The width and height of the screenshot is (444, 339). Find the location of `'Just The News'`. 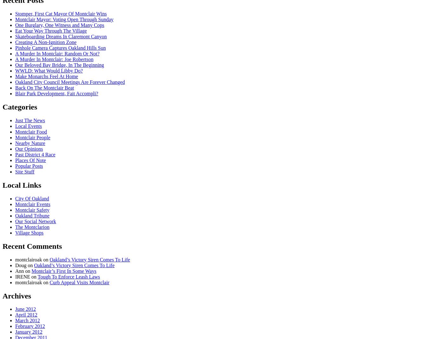

'Just The News' is located at coordinates (30, 120).